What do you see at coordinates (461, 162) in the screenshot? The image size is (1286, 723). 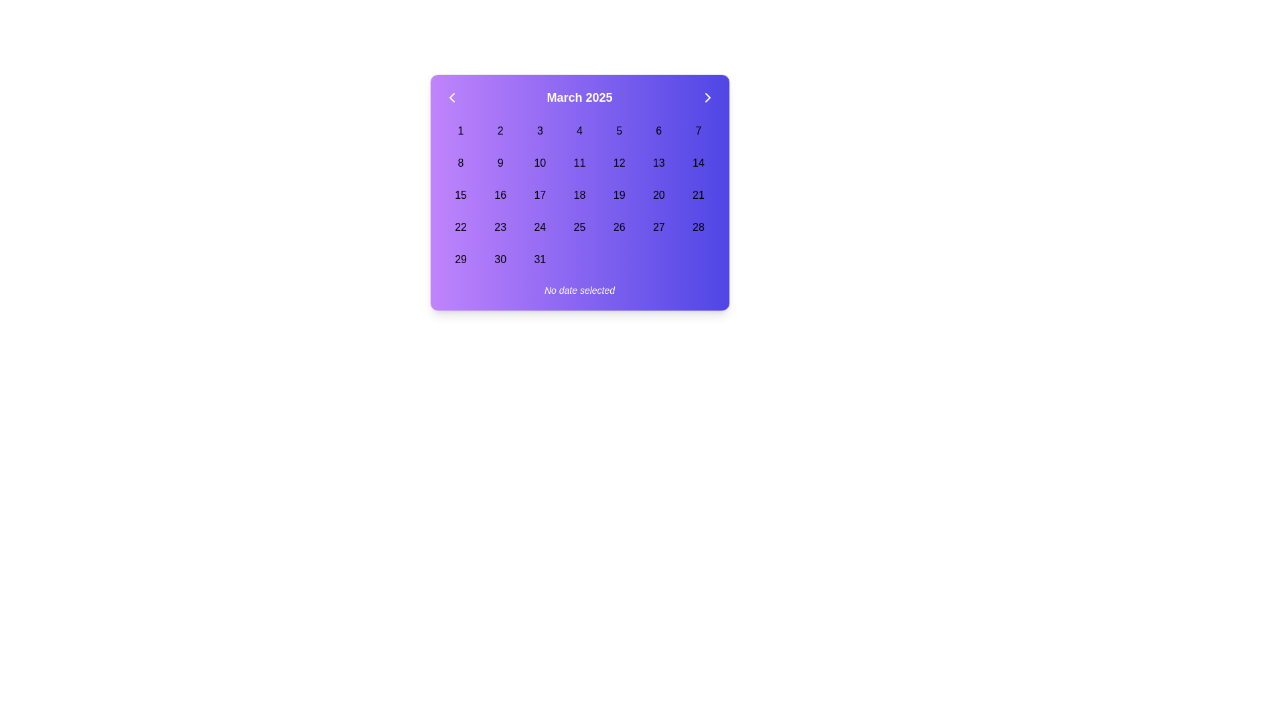 I see `the circular button` at bounding box center [461, 162].